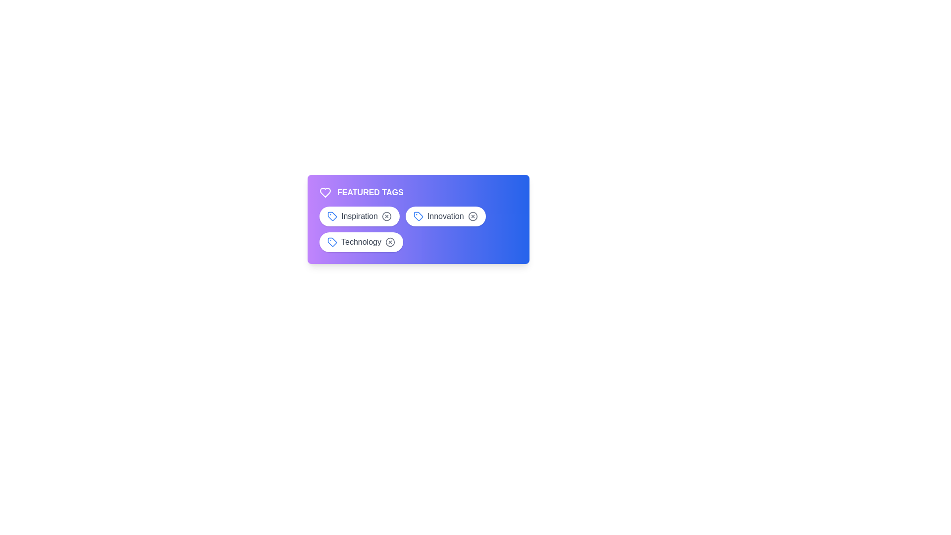  I want to click on the tag icon located next to the 'Inspiration' tag under the 'FEATURED TAGS' title, so click(332, 215).